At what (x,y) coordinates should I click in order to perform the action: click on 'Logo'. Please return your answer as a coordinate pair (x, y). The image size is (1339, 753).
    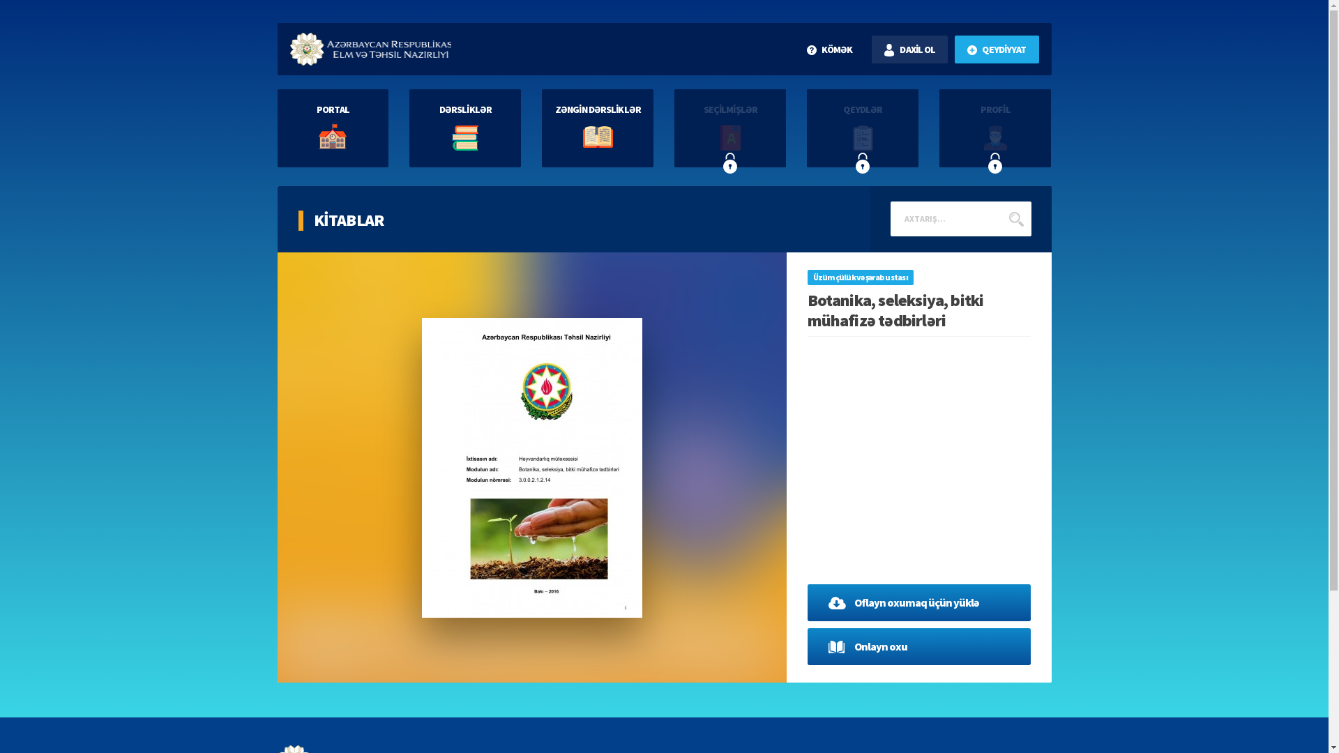
    Looking at the image, I should click on (370, 48).